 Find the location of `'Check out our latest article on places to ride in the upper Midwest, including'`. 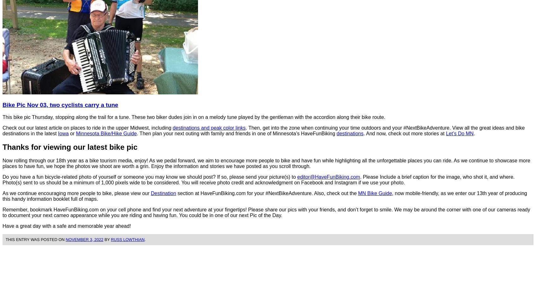

'Check out our latest article on places to ride in the upper Midwest, including' is located at coordinates (2, 127).